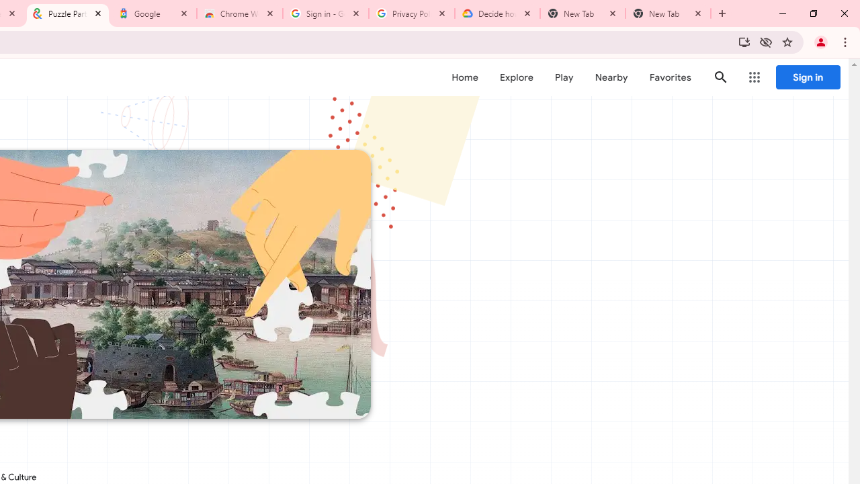  What do you see at coordinates (564, 77) in the screenshot?
I see `'Play'` at bounding box center [564, 77].